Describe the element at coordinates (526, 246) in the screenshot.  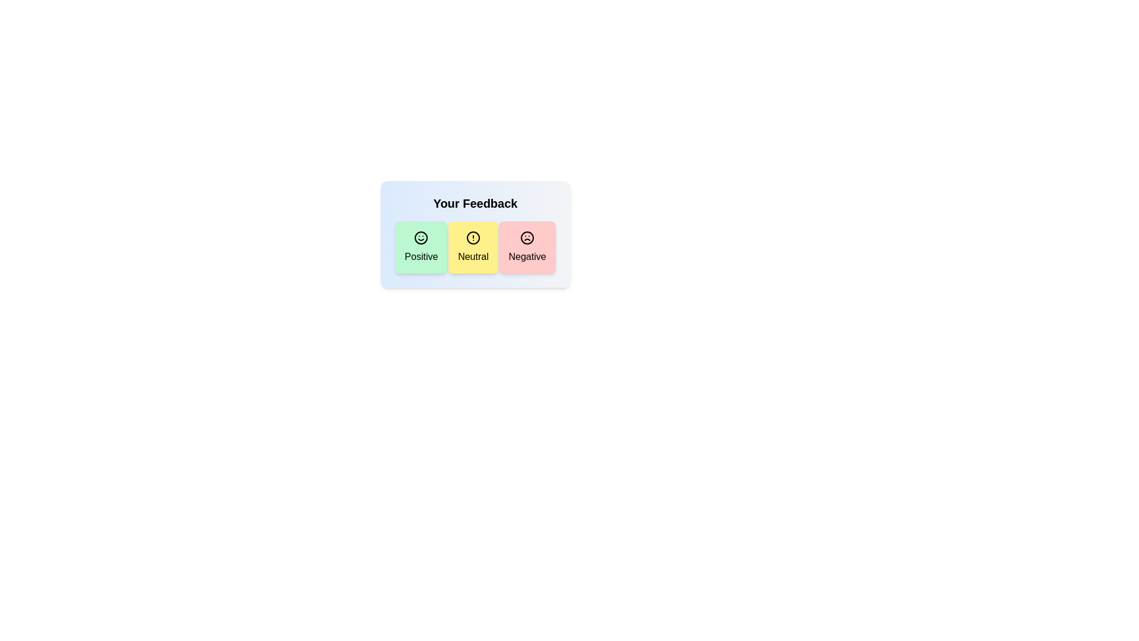
I see `the pink button labeled 'Negative' with a frowning face icon` at that location.